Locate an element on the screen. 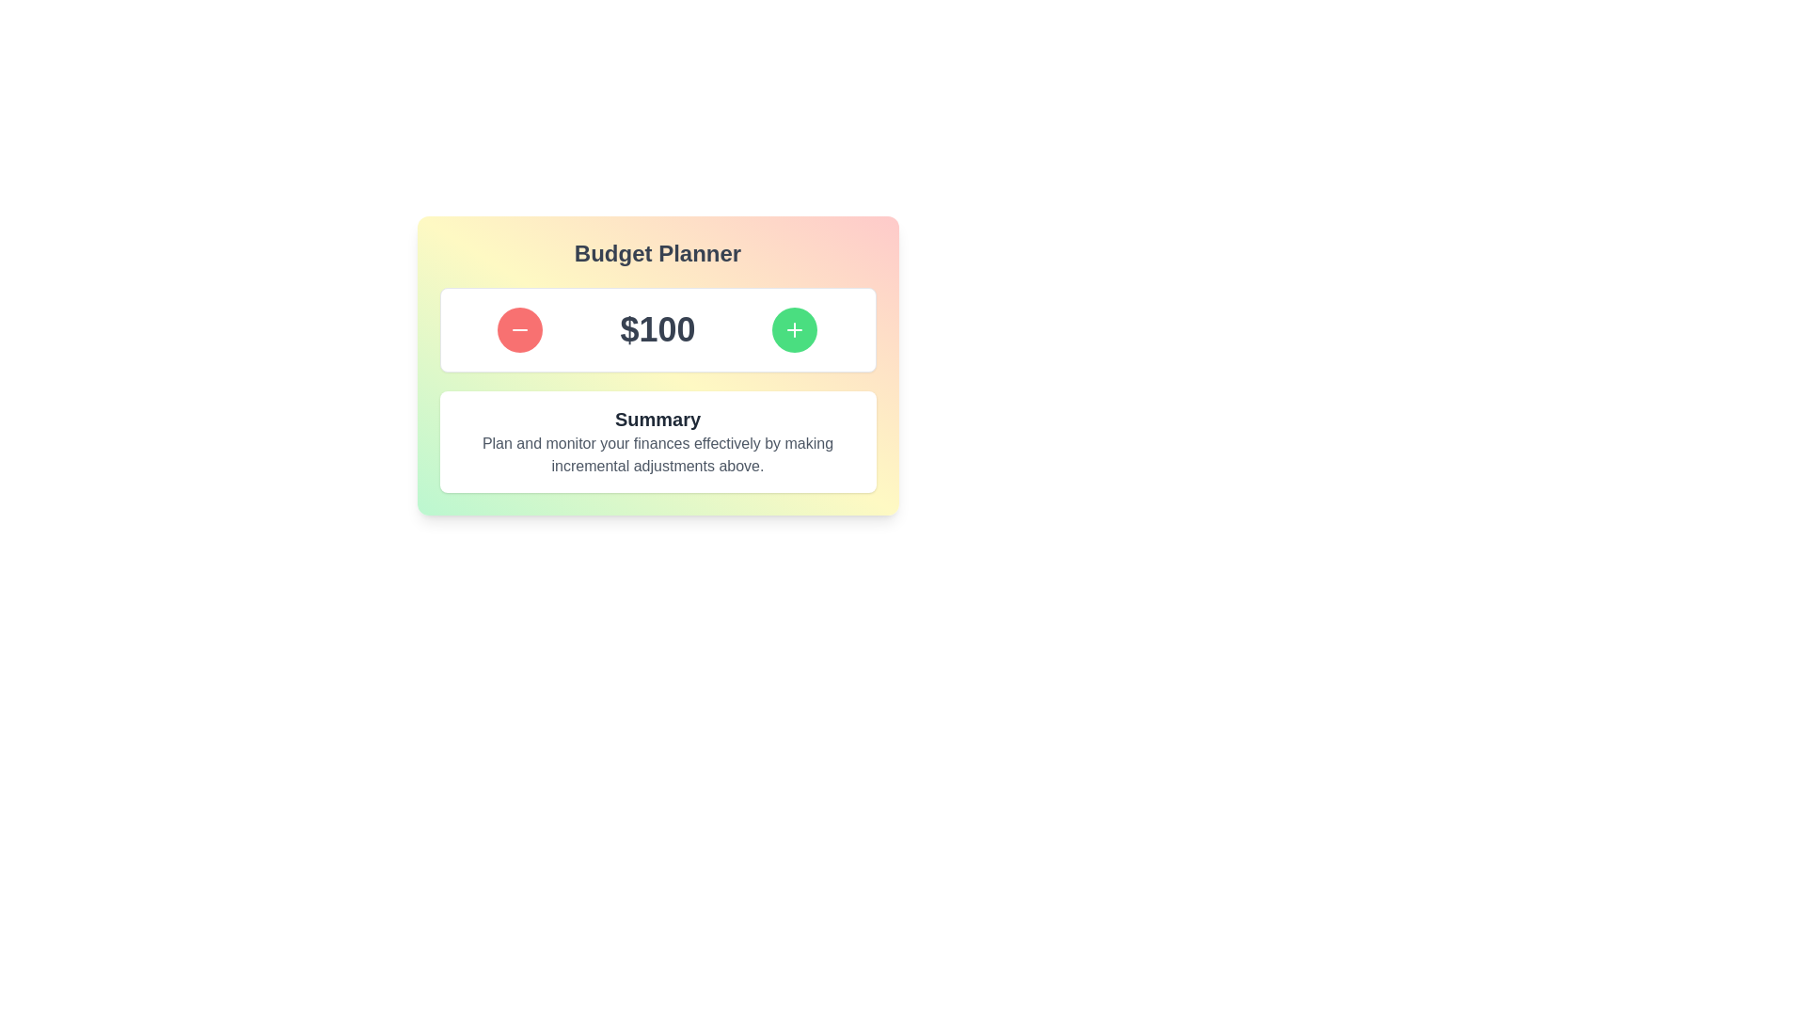  the '+' button located in the top-right corner of the rectangular card interface to increase the numerical value displayed, which is likely related to budgeting is located at coordinates (795, 329).